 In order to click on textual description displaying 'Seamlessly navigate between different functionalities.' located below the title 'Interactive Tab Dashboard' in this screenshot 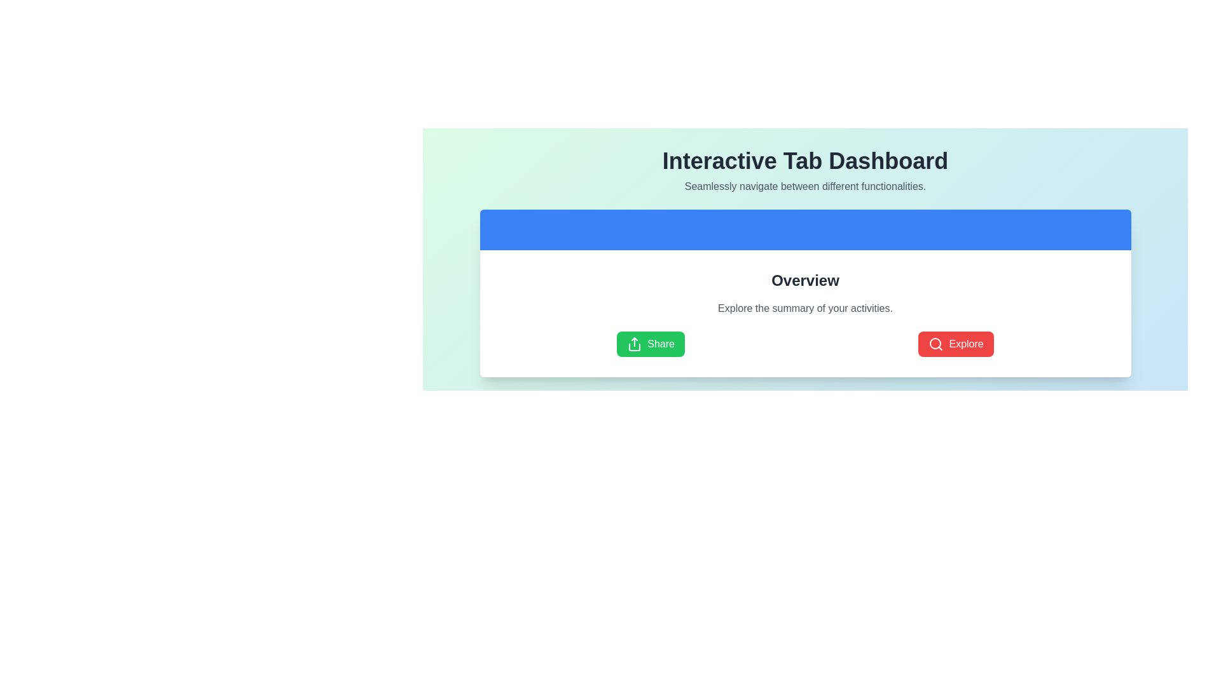, I will do `click(804, 186)`.